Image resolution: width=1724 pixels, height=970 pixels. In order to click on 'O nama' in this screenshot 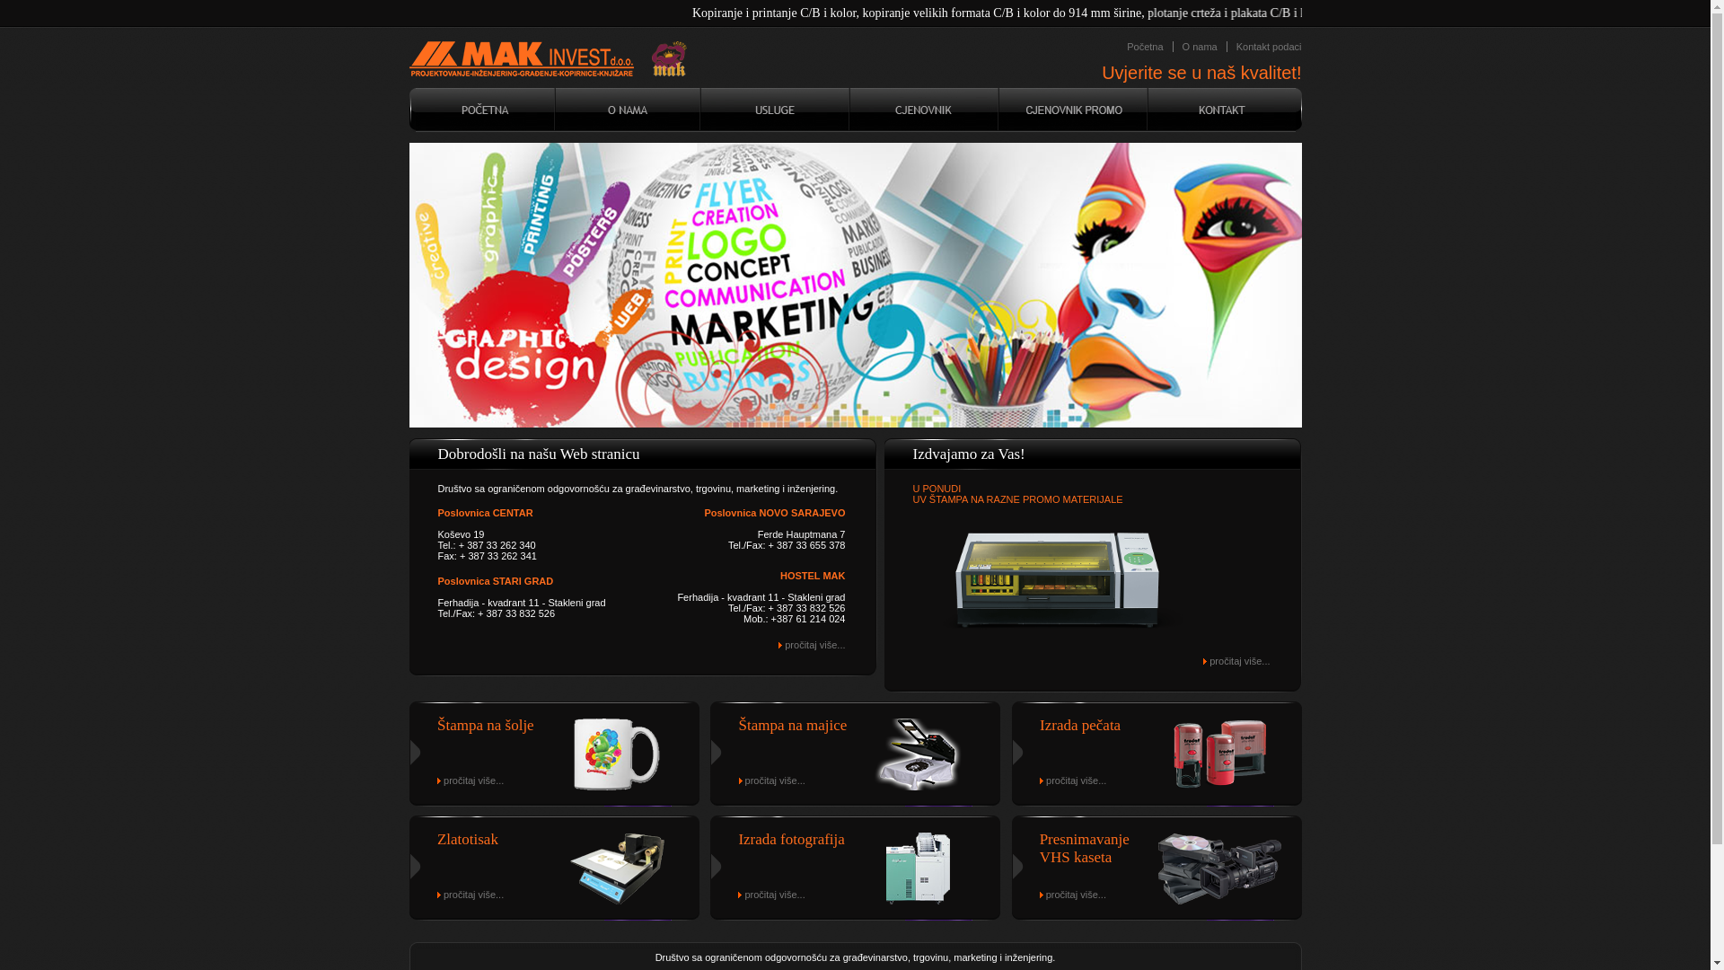, I will do `click(1200, 45)`.